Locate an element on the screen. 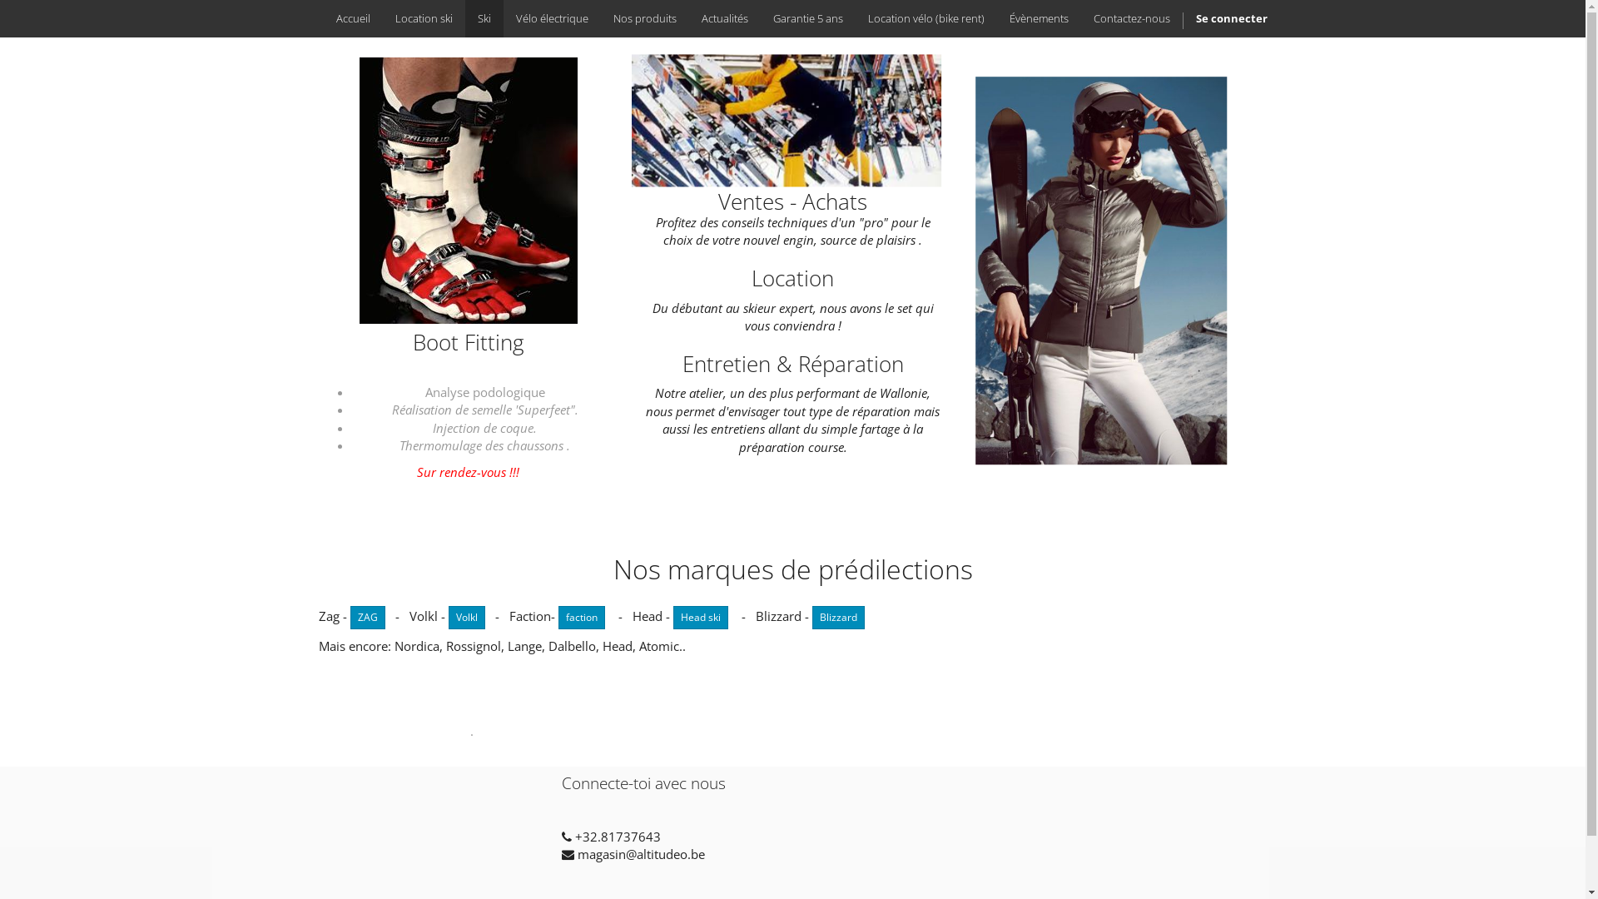  'ZAG' is located at coordinates (366, 617).